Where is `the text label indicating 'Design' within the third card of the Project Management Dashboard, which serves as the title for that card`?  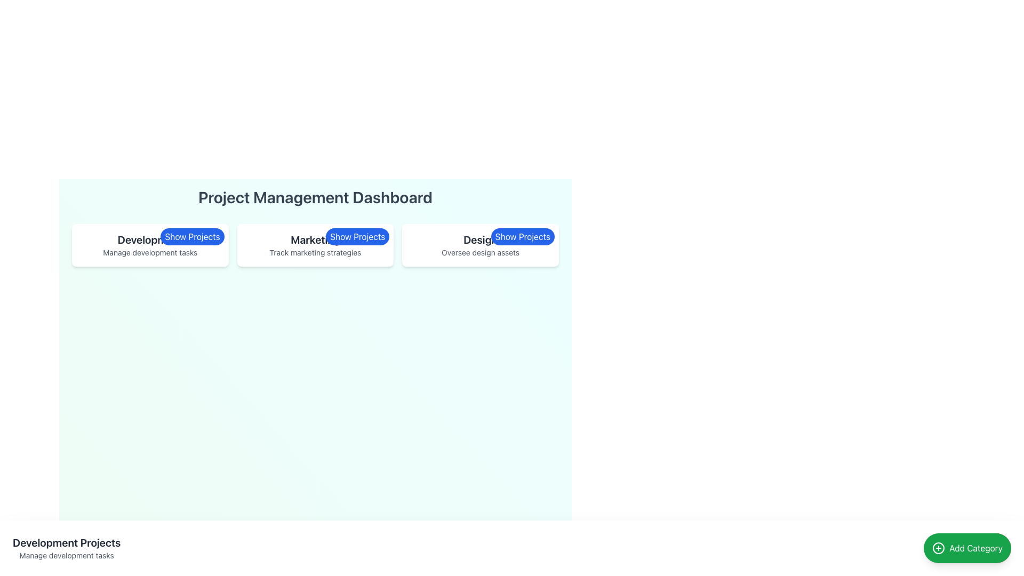
the text label indicating 'Design' within the third card of the Project Management Dashboard, which serves as the title for that card is located at coordinates (480, 240).